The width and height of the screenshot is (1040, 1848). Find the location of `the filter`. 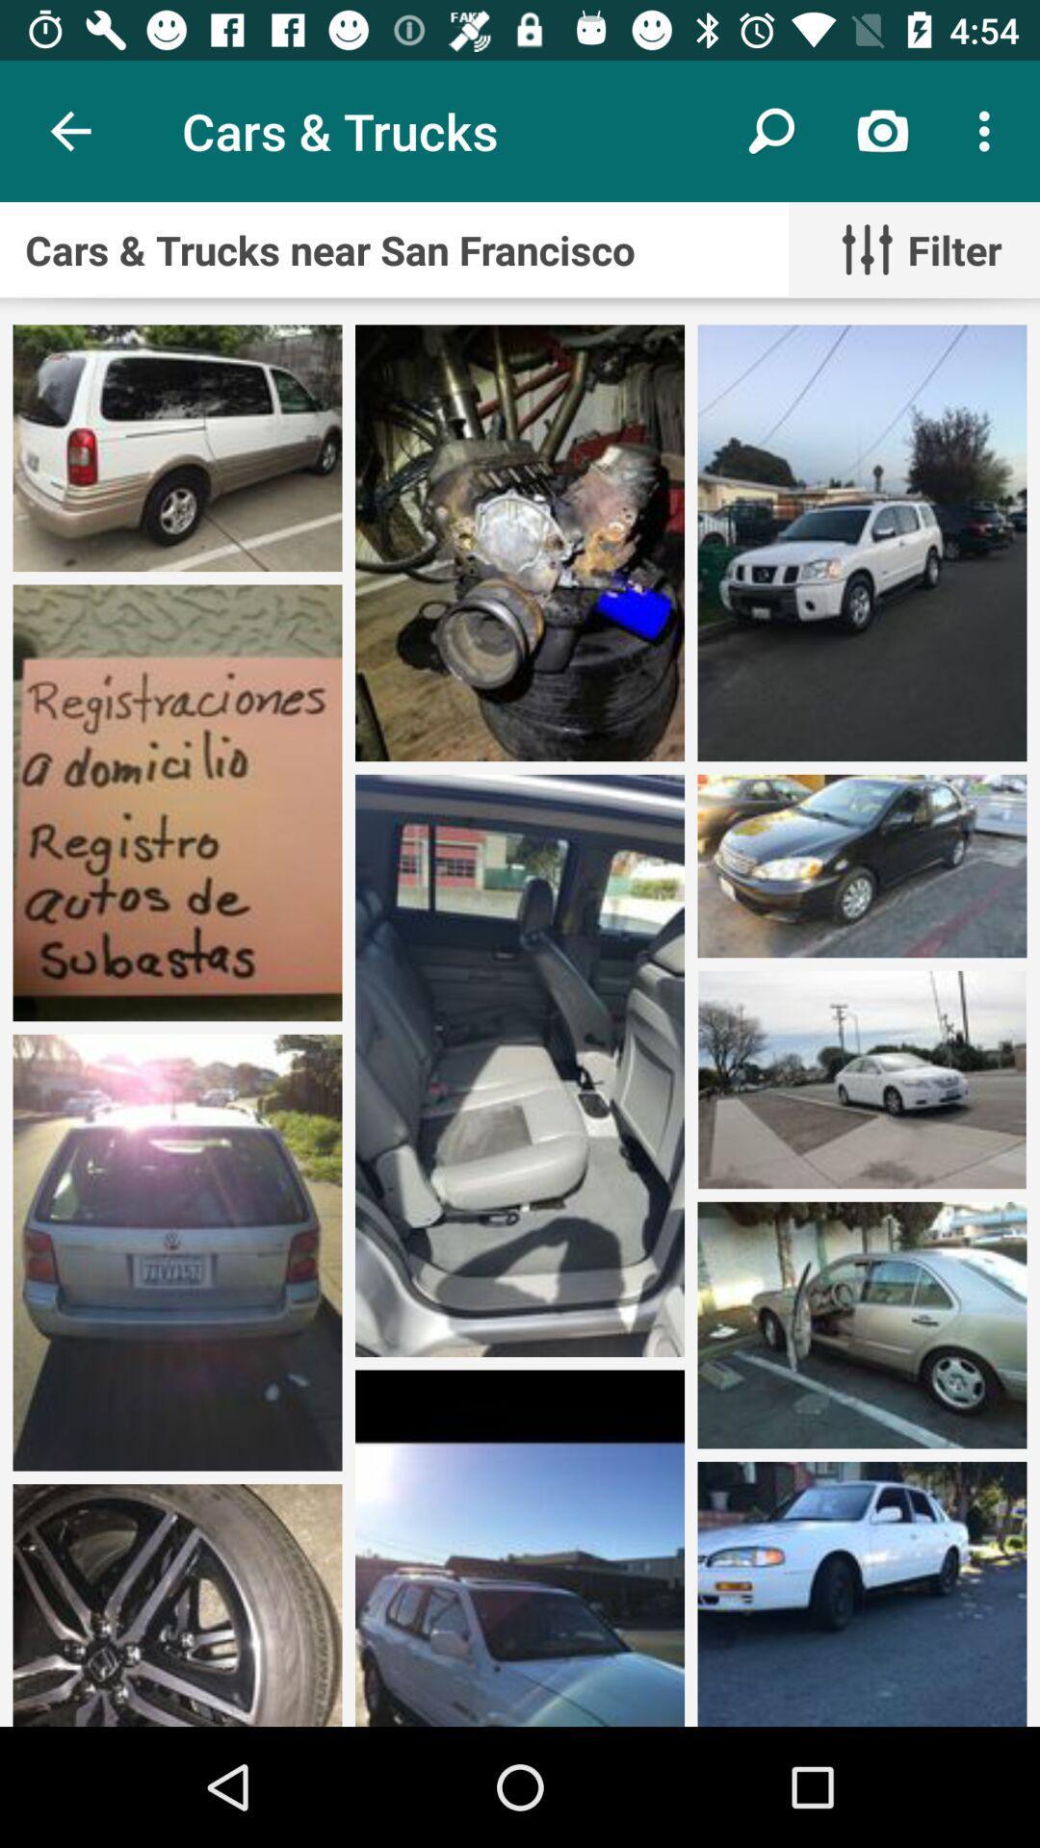

the filter is located at coordinates (913, 248).